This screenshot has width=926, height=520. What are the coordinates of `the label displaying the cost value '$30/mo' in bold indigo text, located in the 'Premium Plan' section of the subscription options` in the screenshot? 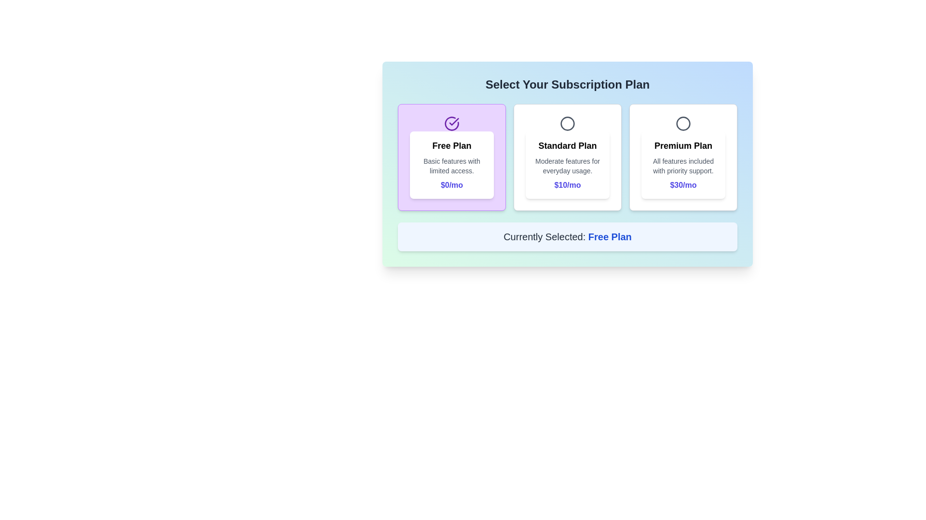 It's located at (682, 185).